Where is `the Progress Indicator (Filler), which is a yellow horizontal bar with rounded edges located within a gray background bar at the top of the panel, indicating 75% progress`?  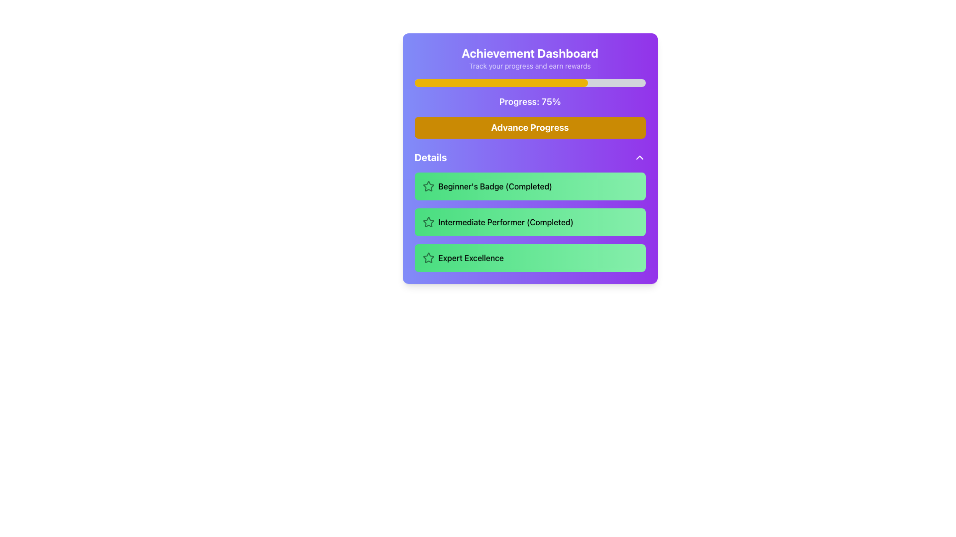
the Progress Indicator (Filler), which is a yellow horizontal bar with rounded edges located within a gray background bar at the top of the panel, indicating 75% progress is located at coordinates (501, 82).